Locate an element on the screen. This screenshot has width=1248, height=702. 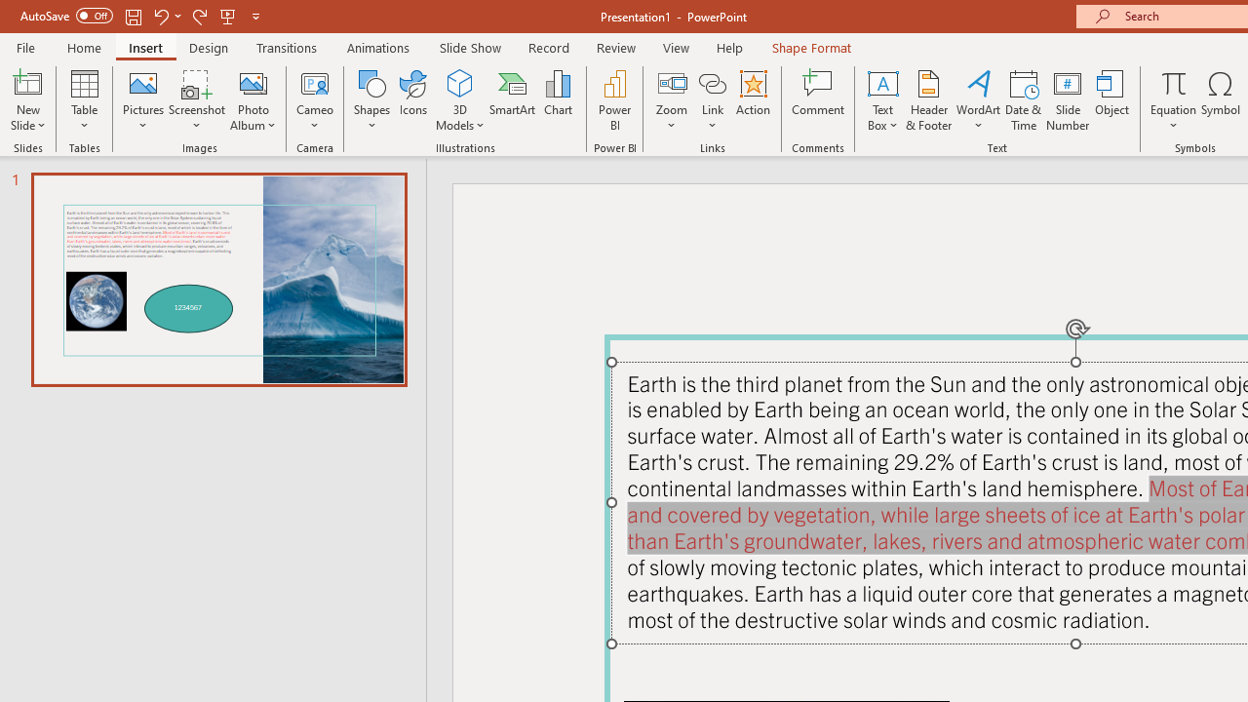
'Date & Time...' is located at coordinates (1023, 100).